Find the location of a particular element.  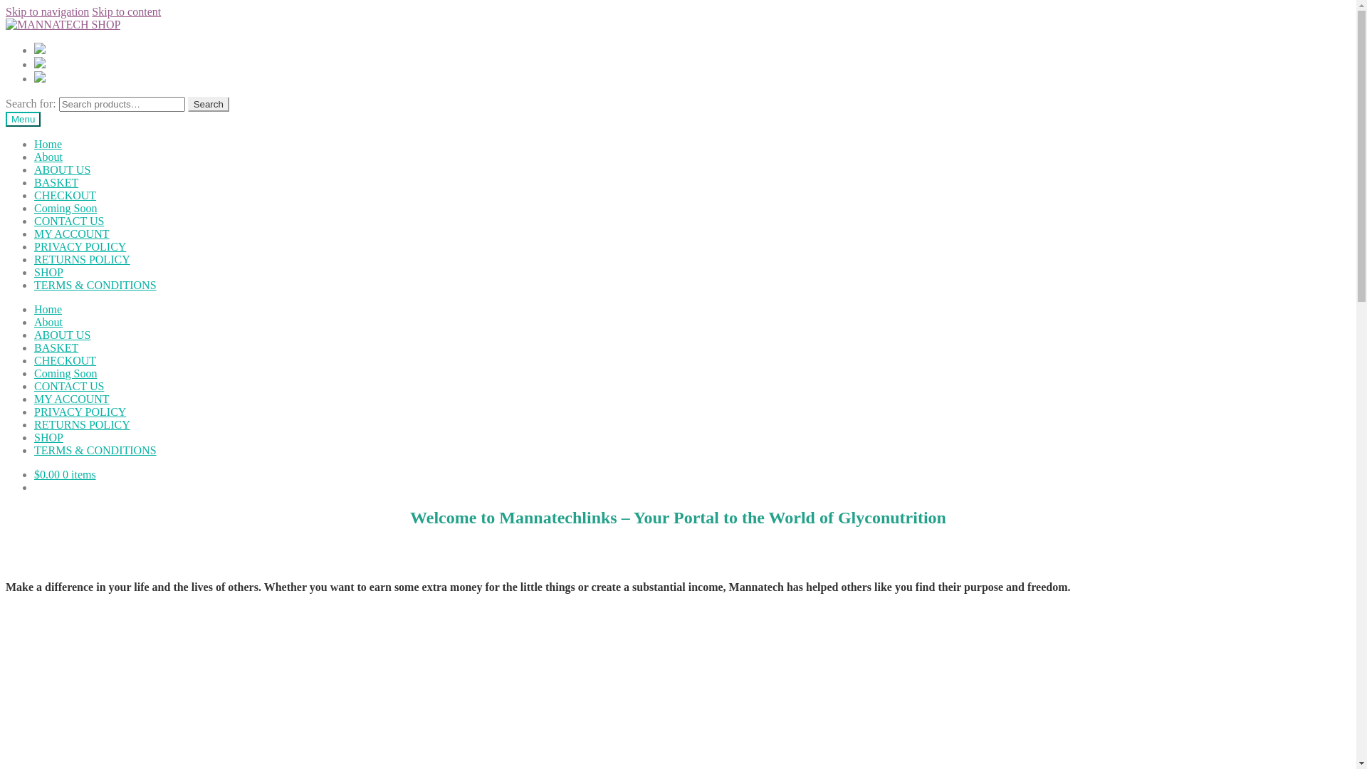

'MANNATECH SHOP' is located at coordinates (62, 24).